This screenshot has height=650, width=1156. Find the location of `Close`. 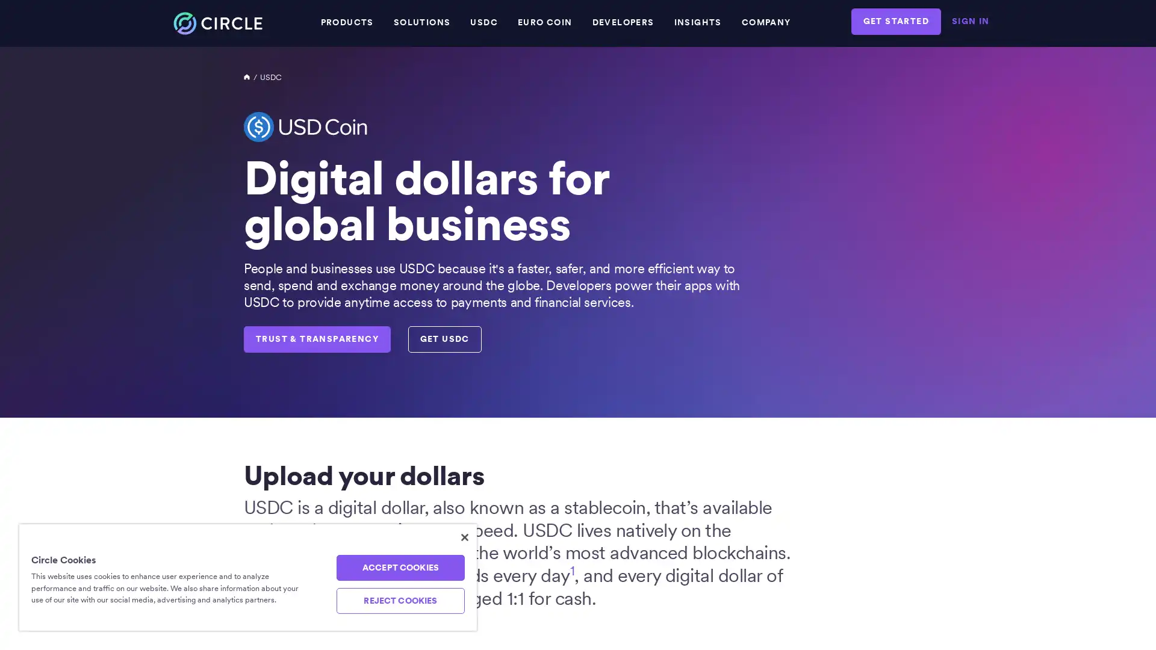

Close is located at coordinates (464, 537).